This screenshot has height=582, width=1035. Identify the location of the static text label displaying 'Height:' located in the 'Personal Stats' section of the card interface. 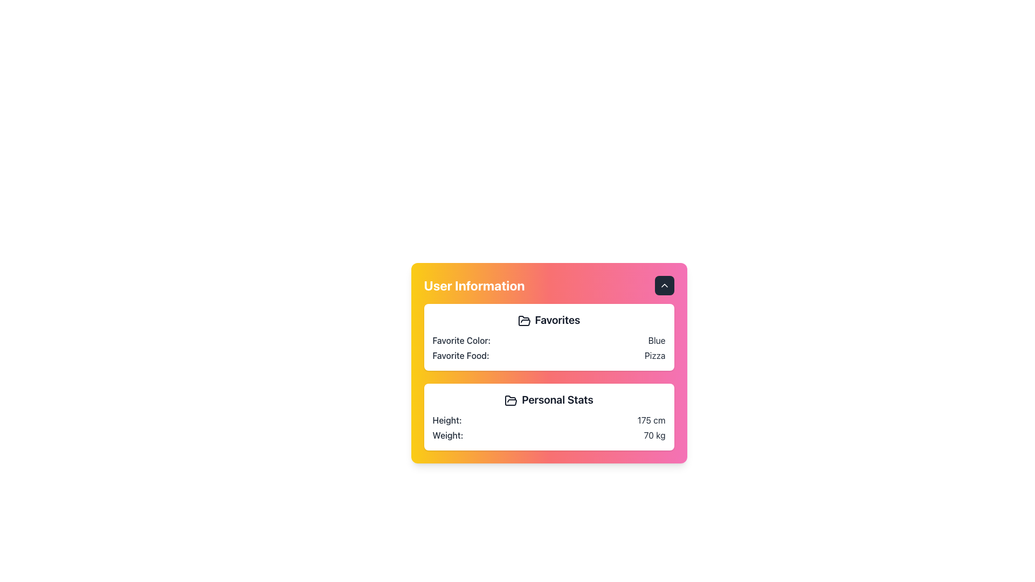
(447, 419).